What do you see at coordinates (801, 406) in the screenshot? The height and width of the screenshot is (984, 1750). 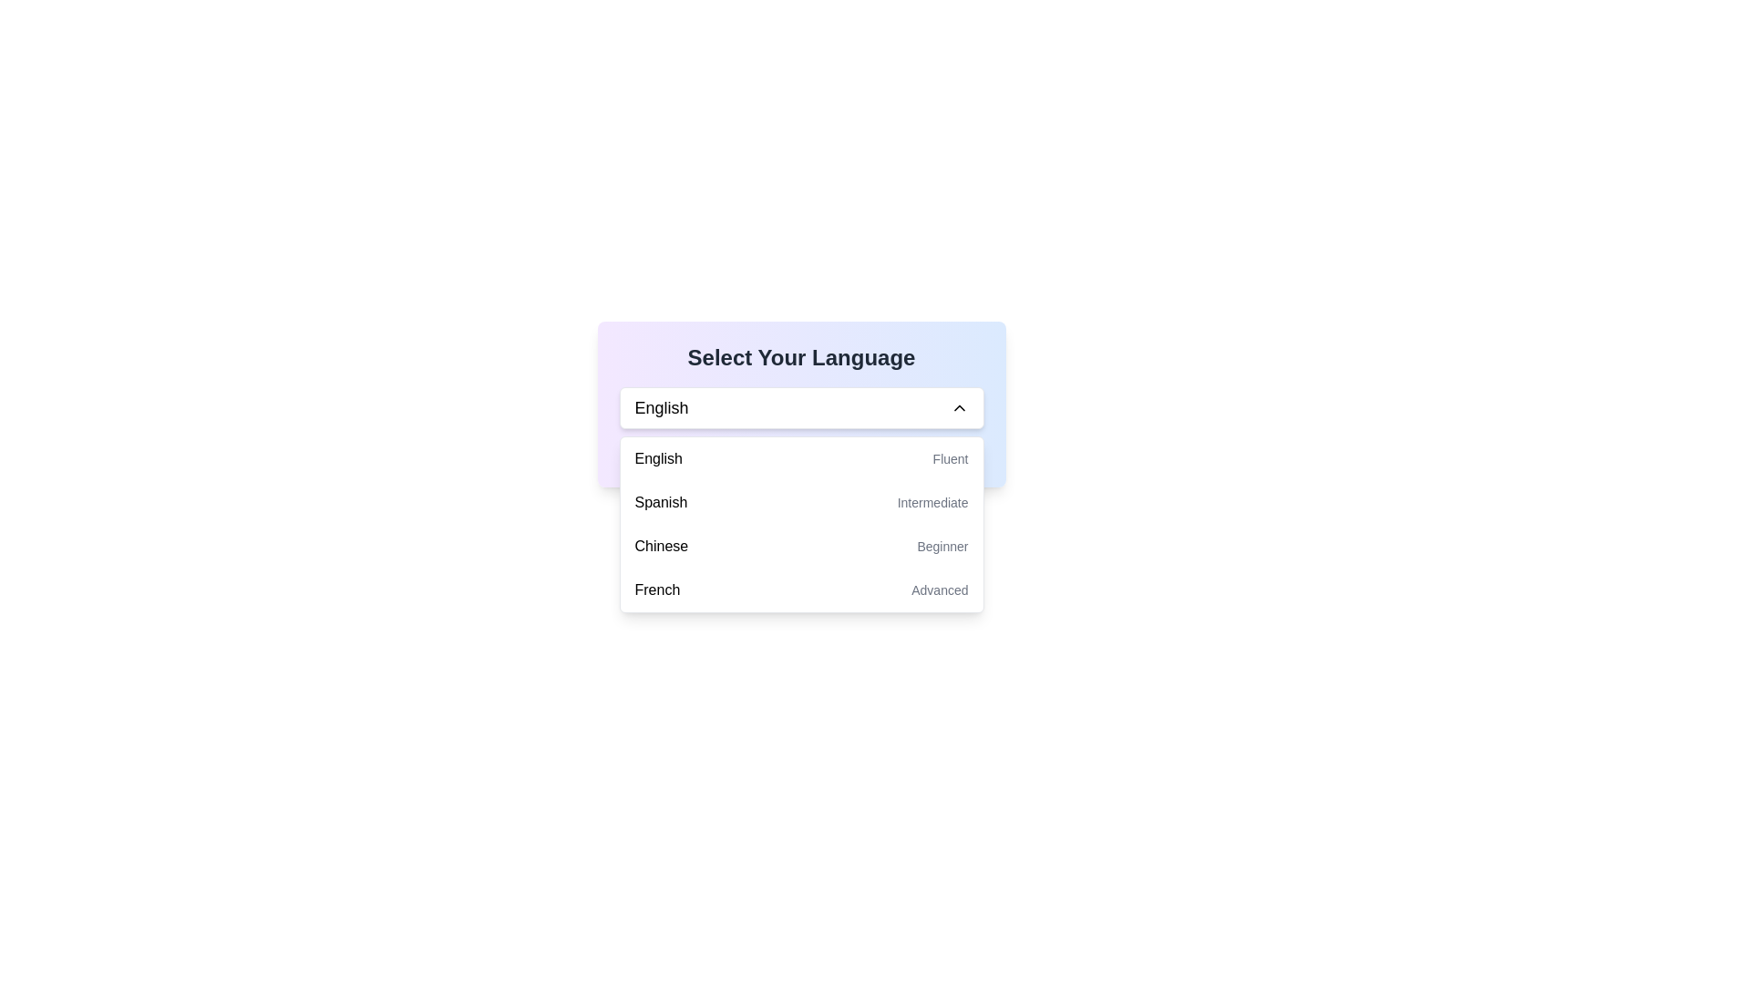 I see `on the language selection dropdown menu displaying 'English'` at bounding box center [801, 406].